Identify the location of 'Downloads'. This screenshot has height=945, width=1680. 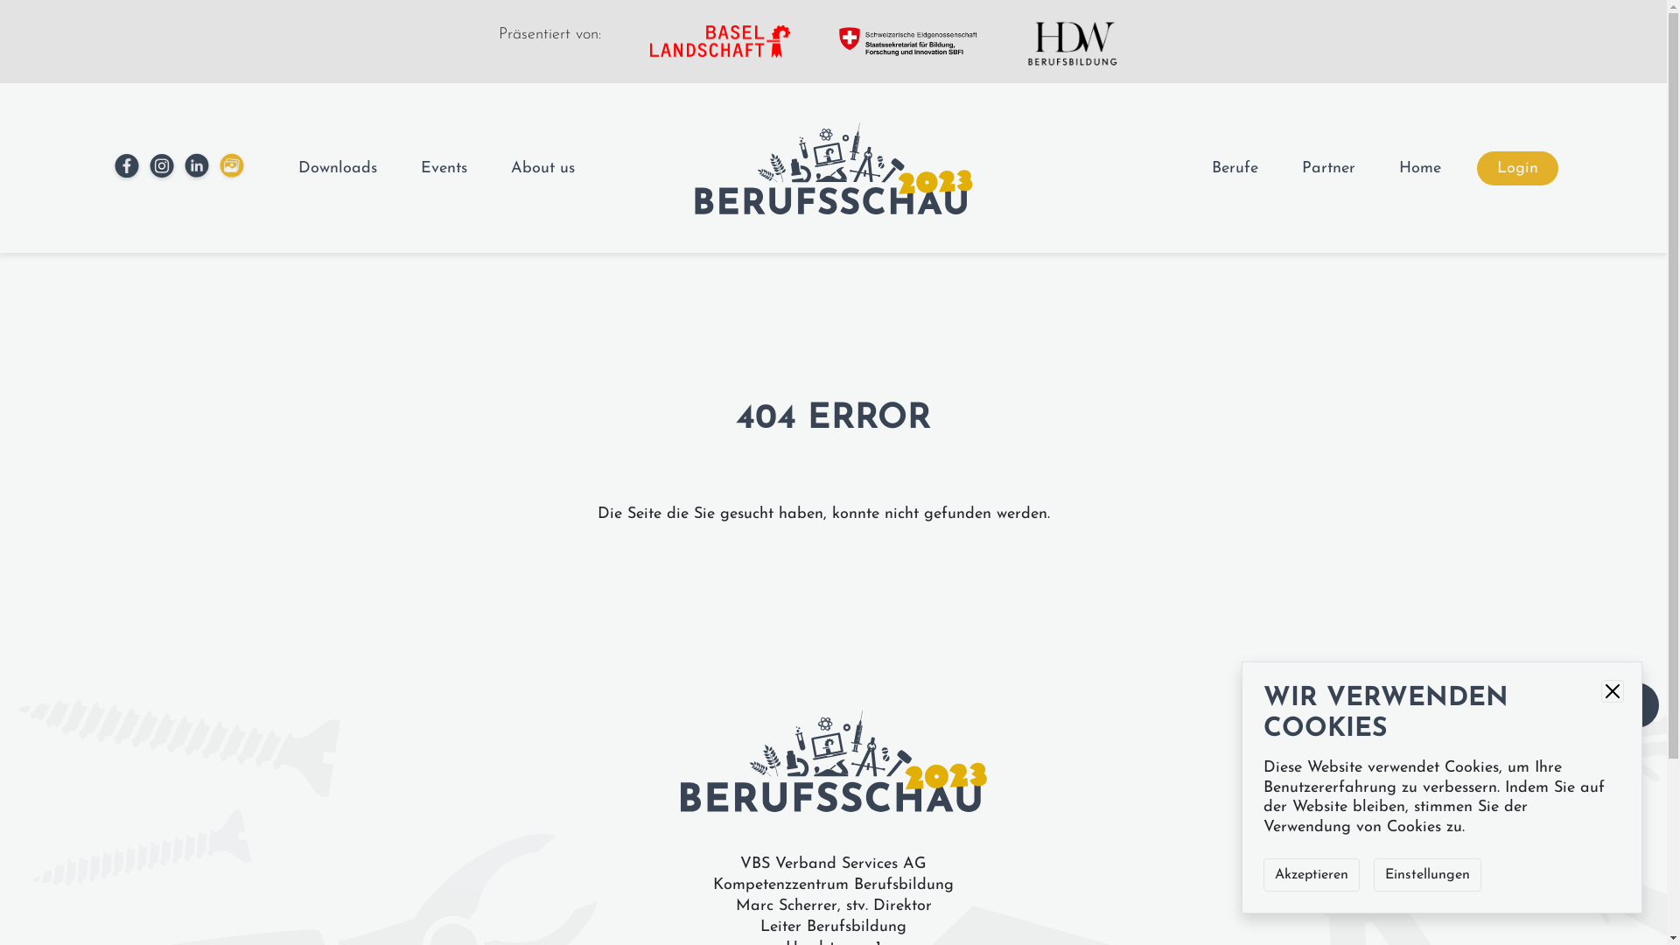
(336, 167).